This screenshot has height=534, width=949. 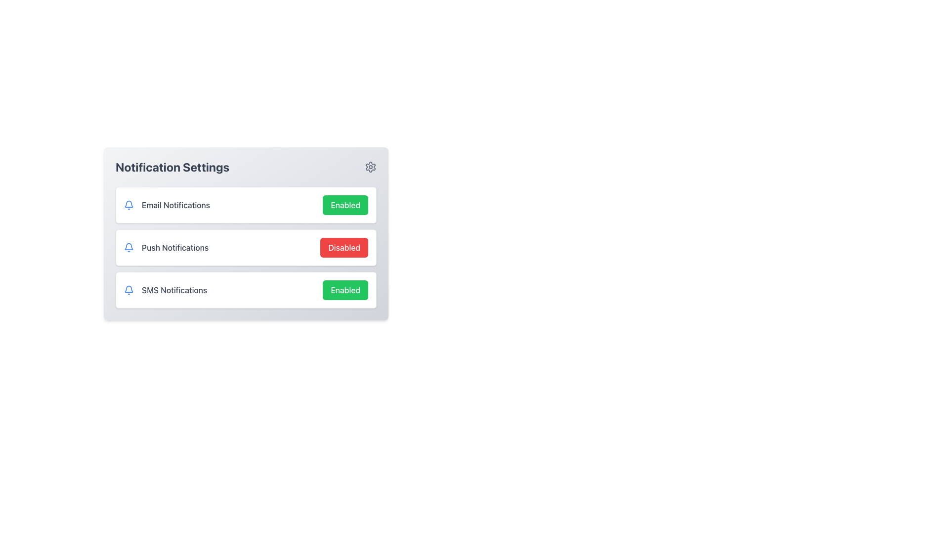 What do you see at coordinates (128, 247) in the screenshot?
I see `the blue bell icon located to the left of the 'Push Notifications' text within the Notification Settings` at bounding box center [128, 247].